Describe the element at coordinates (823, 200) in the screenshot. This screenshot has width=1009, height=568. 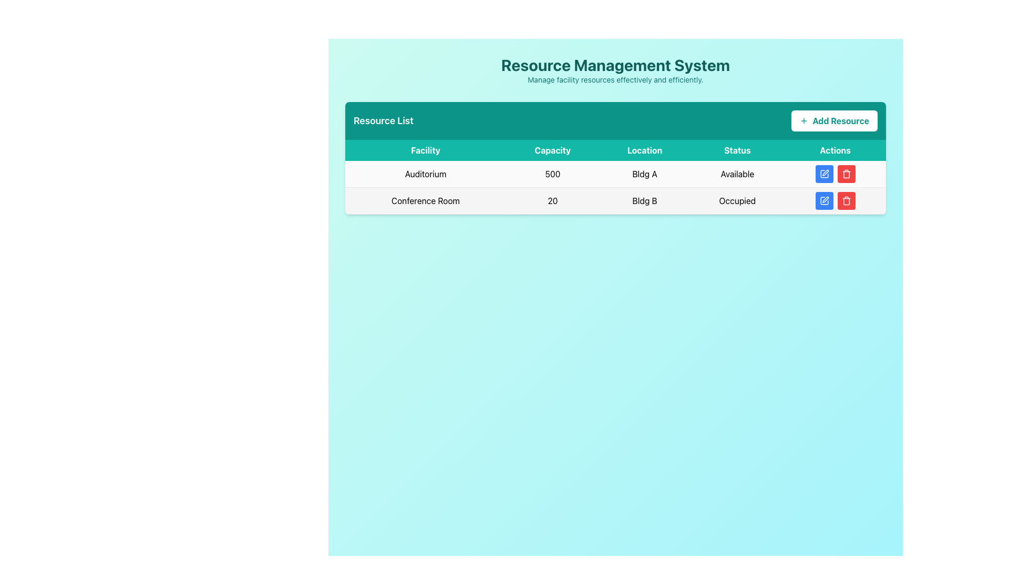
I see `the edit button in the 'Actions' column of the second row for the 'Conference Room' entry to observe the hover effect` at that location.